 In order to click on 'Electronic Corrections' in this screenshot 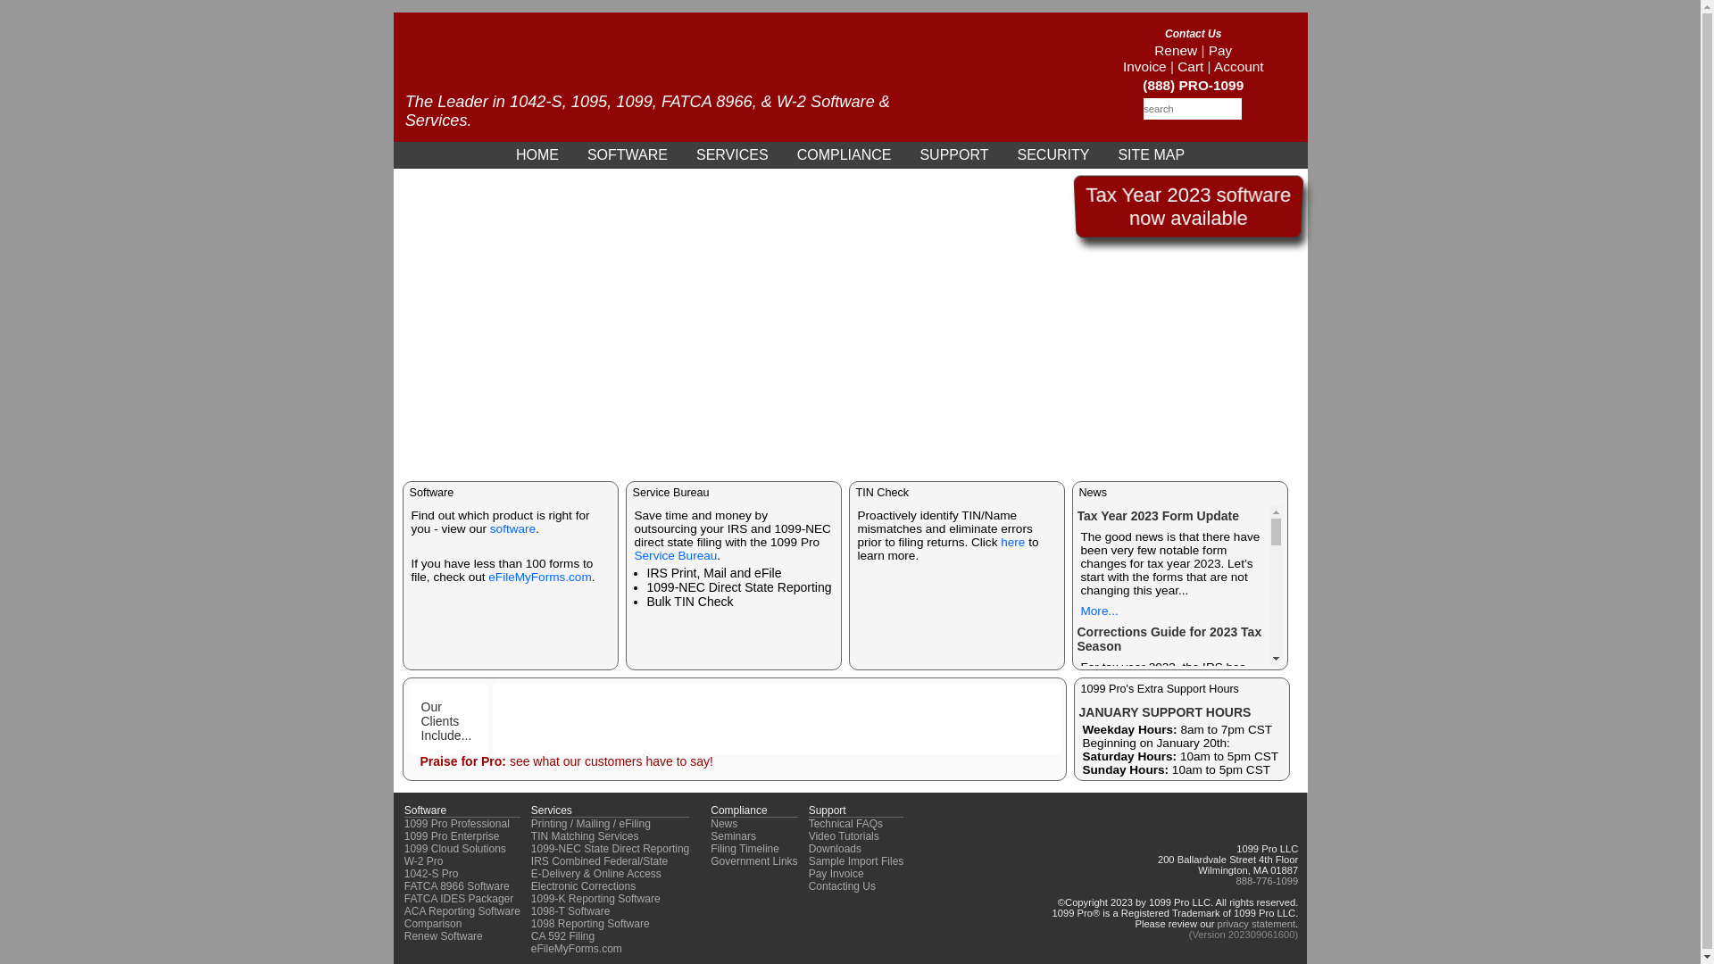, I will do `click(583, 885)`.